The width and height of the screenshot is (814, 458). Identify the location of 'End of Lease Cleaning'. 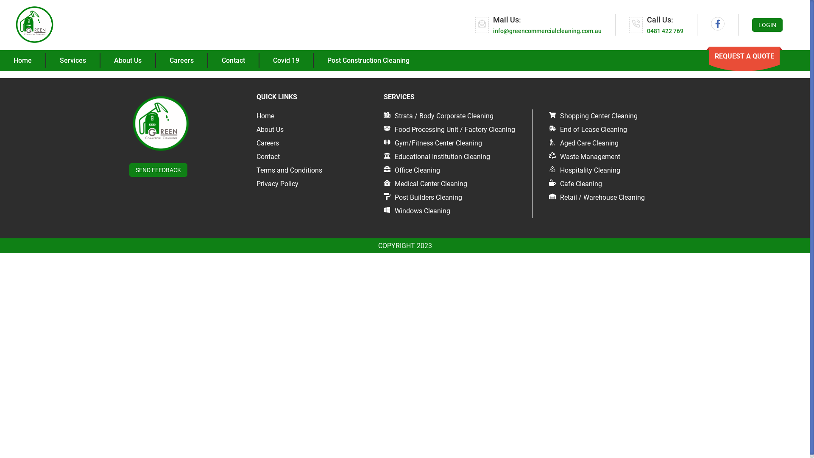
(588, 129).